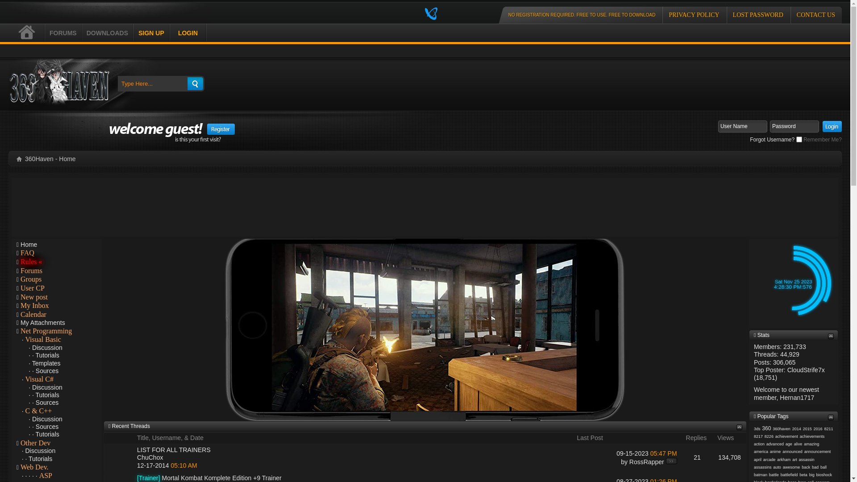  I want to click on 'assassin', so click(799, 459).